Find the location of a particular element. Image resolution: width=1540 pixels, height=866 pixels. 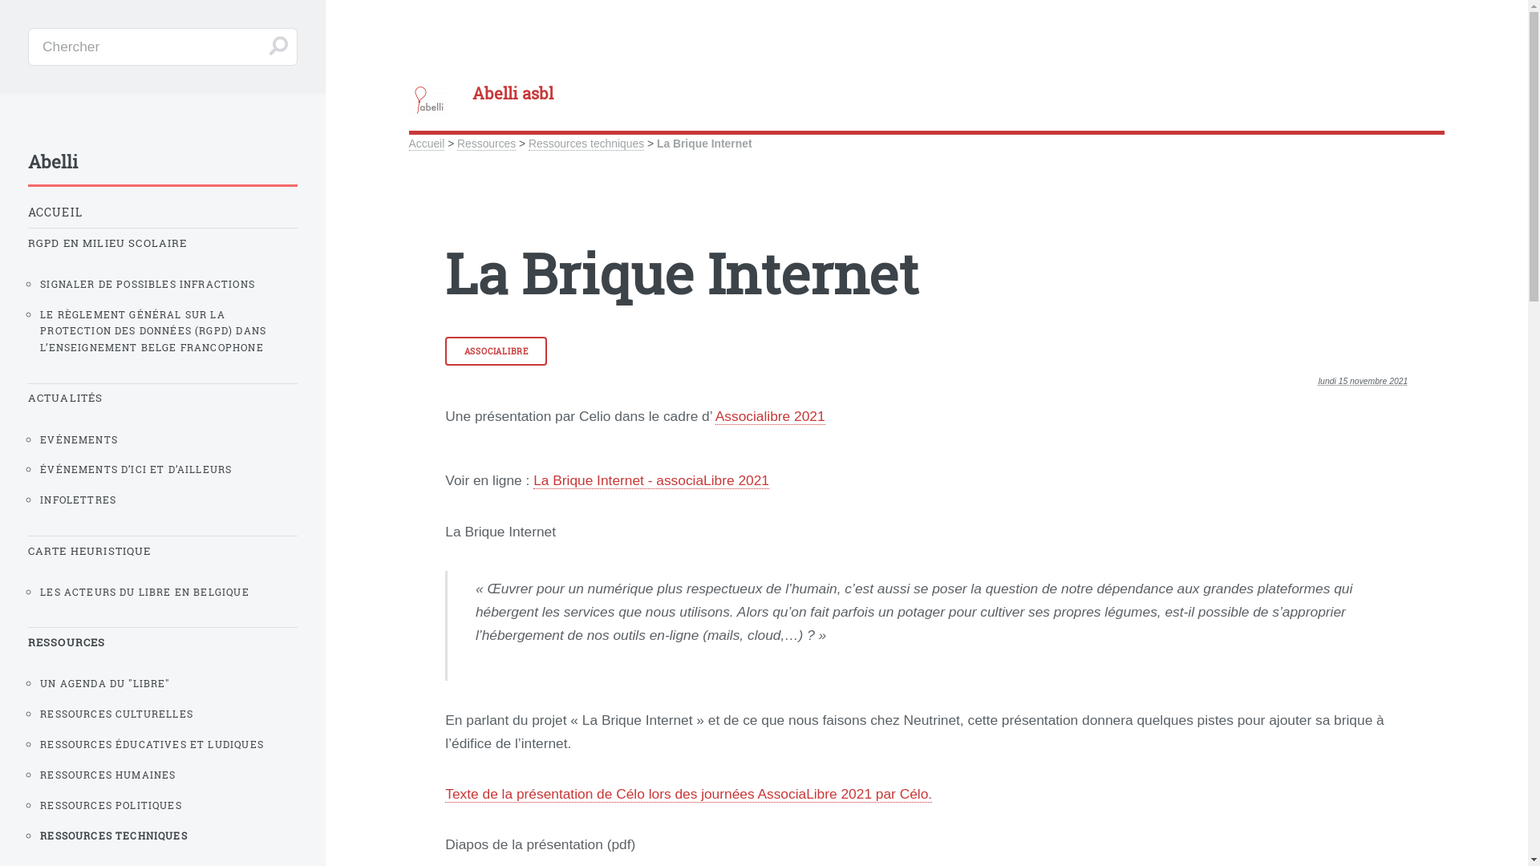

'RESSOURCES HUMAINES' is located at coordinates (39, 774).